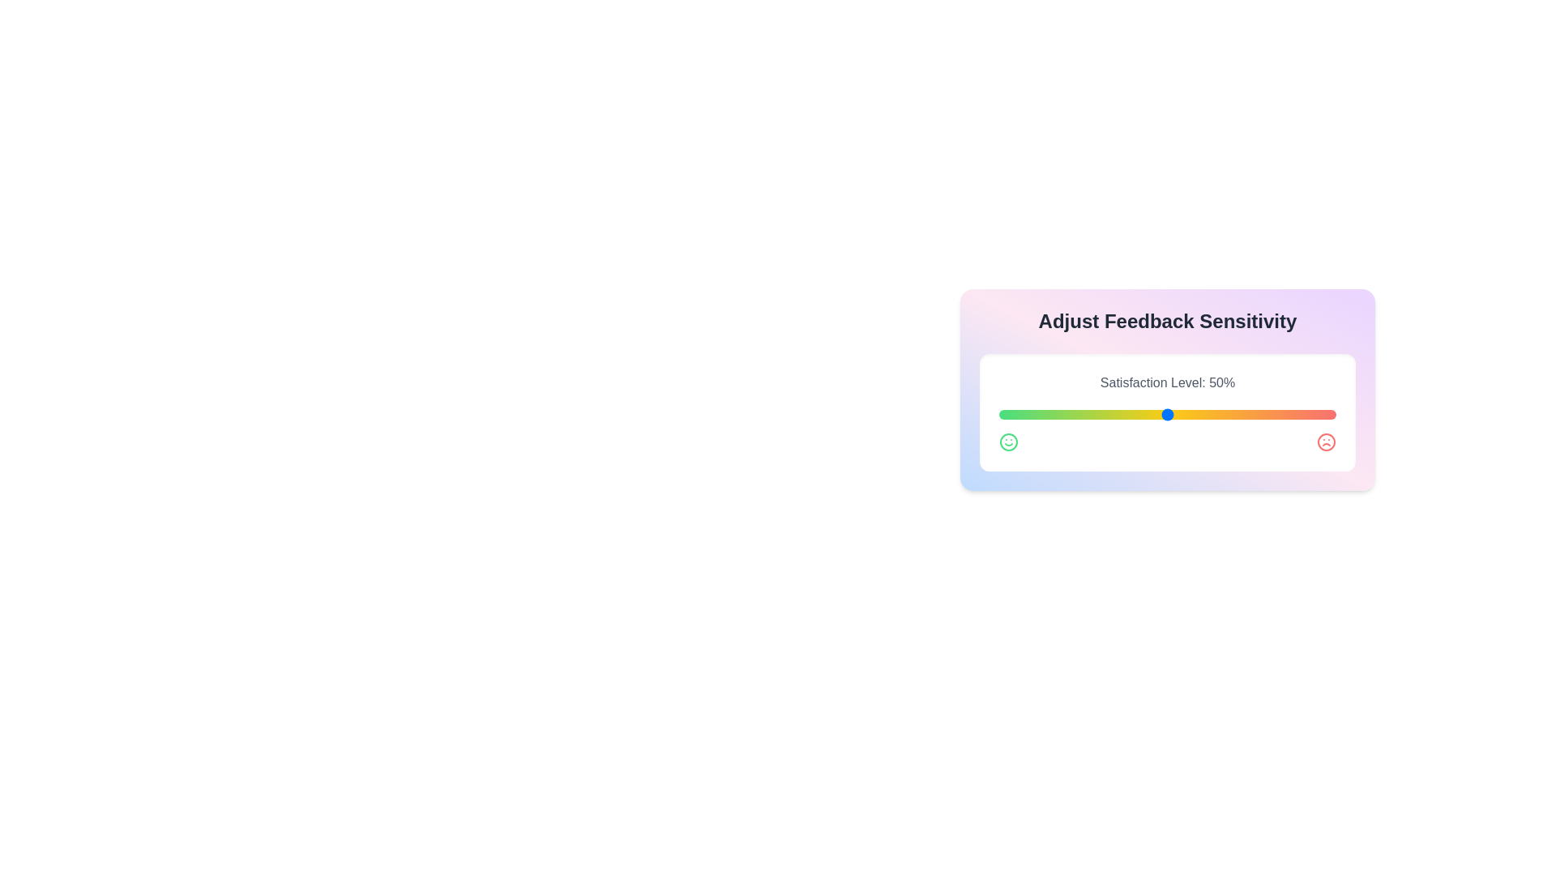  Describe the element at coordinates (1295, 414) in the screenshot. I see `the satisfaction level slider to 88%` at that location.